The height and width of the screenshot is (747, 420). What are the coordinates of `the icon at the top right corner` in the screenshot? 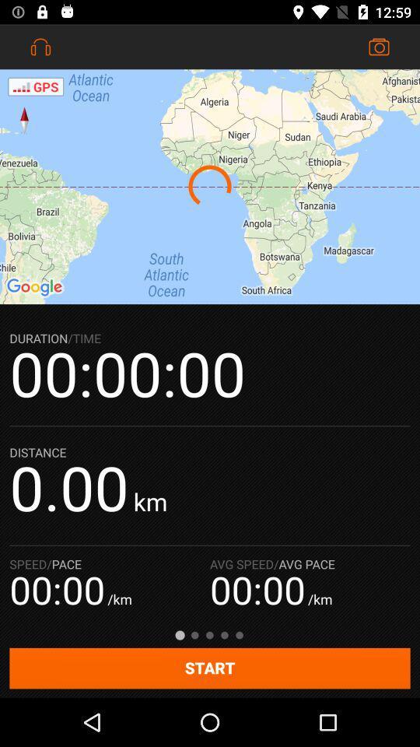 It's located at (378, 46).